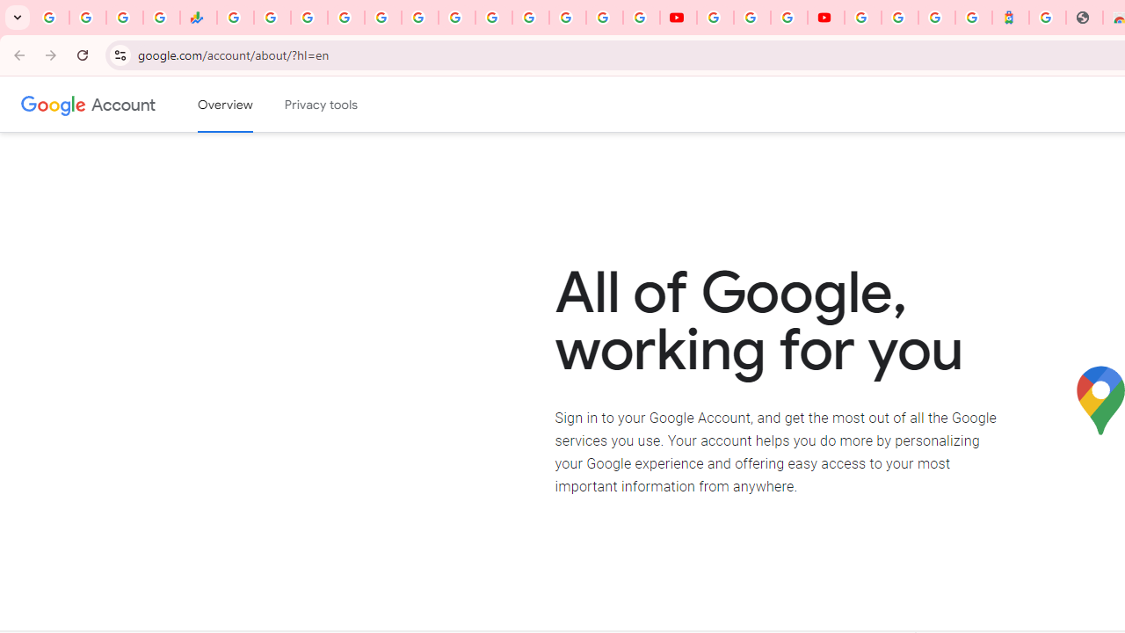 This screenshot has height=633, width=1125. I want to click on 'YouTube', so click(678, 18).